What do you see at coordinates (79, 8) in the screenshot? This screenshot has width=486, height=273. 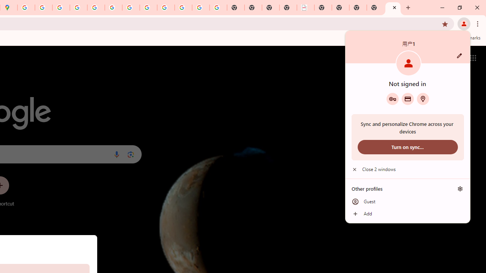 I see `'Privacy Help Center - Policies Help'` at bounding box center [79, 8].